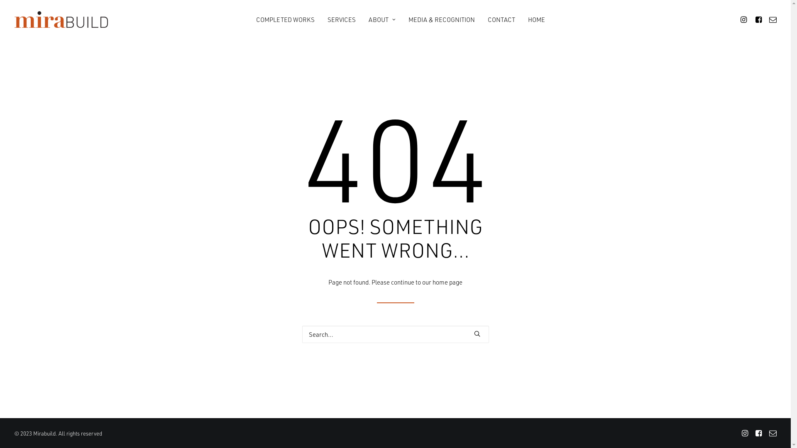 The height and width of the screenshot is (448, 797). Describe the element at coordinates (395, 334) in the screenshot. I see `'Search for:'` at that location.